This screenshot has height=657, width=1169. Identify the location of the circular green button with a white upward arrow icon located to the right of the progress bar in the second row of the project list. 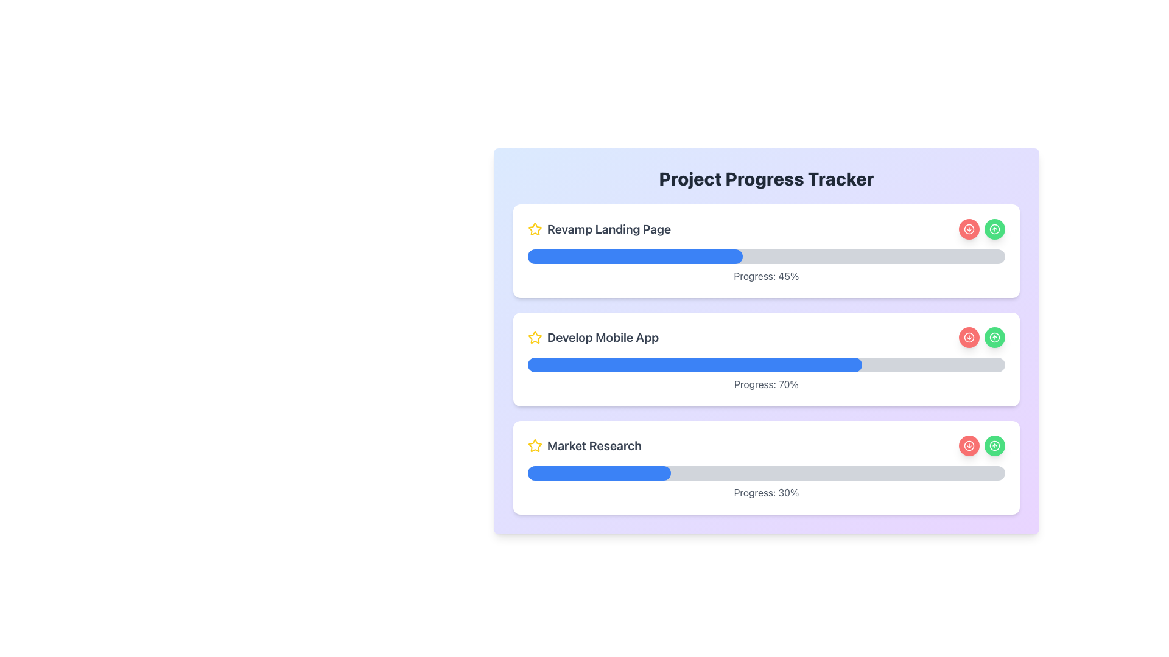
(994, 338).